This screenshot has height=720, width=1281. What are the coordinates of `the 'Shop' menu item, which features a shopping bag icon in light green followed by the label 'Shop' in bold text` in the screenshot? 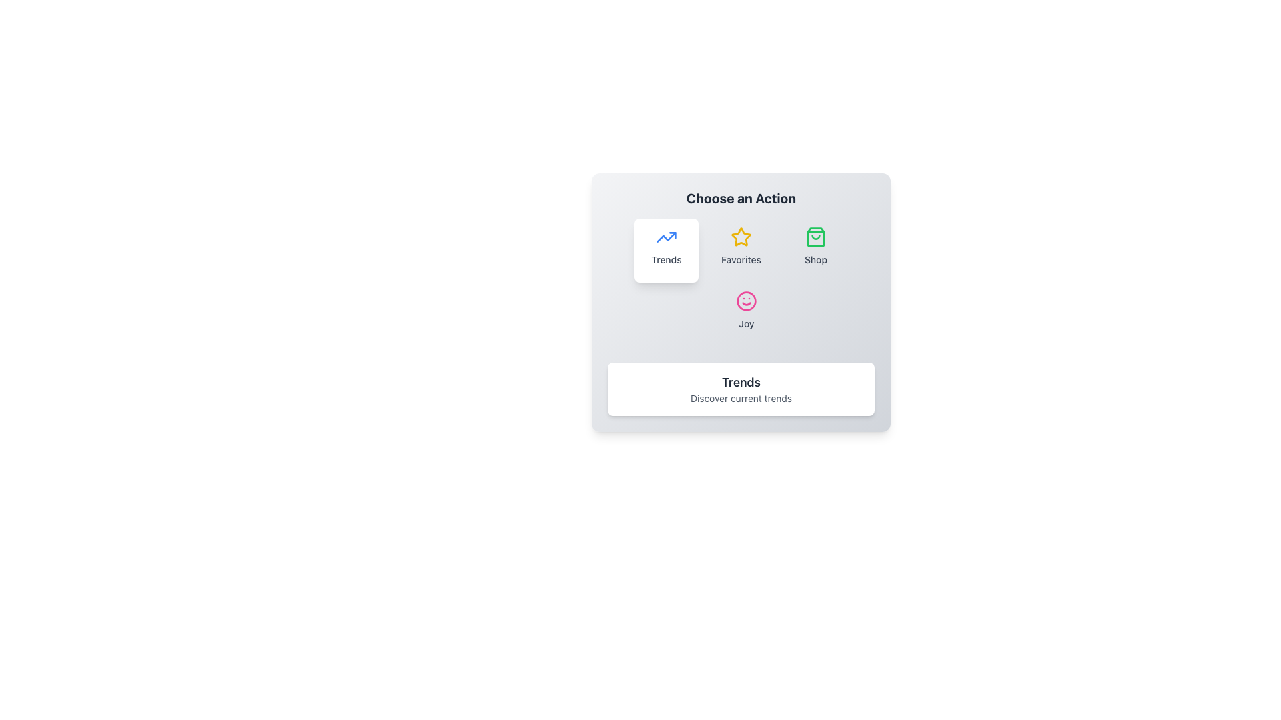 It's located at (815, 250).